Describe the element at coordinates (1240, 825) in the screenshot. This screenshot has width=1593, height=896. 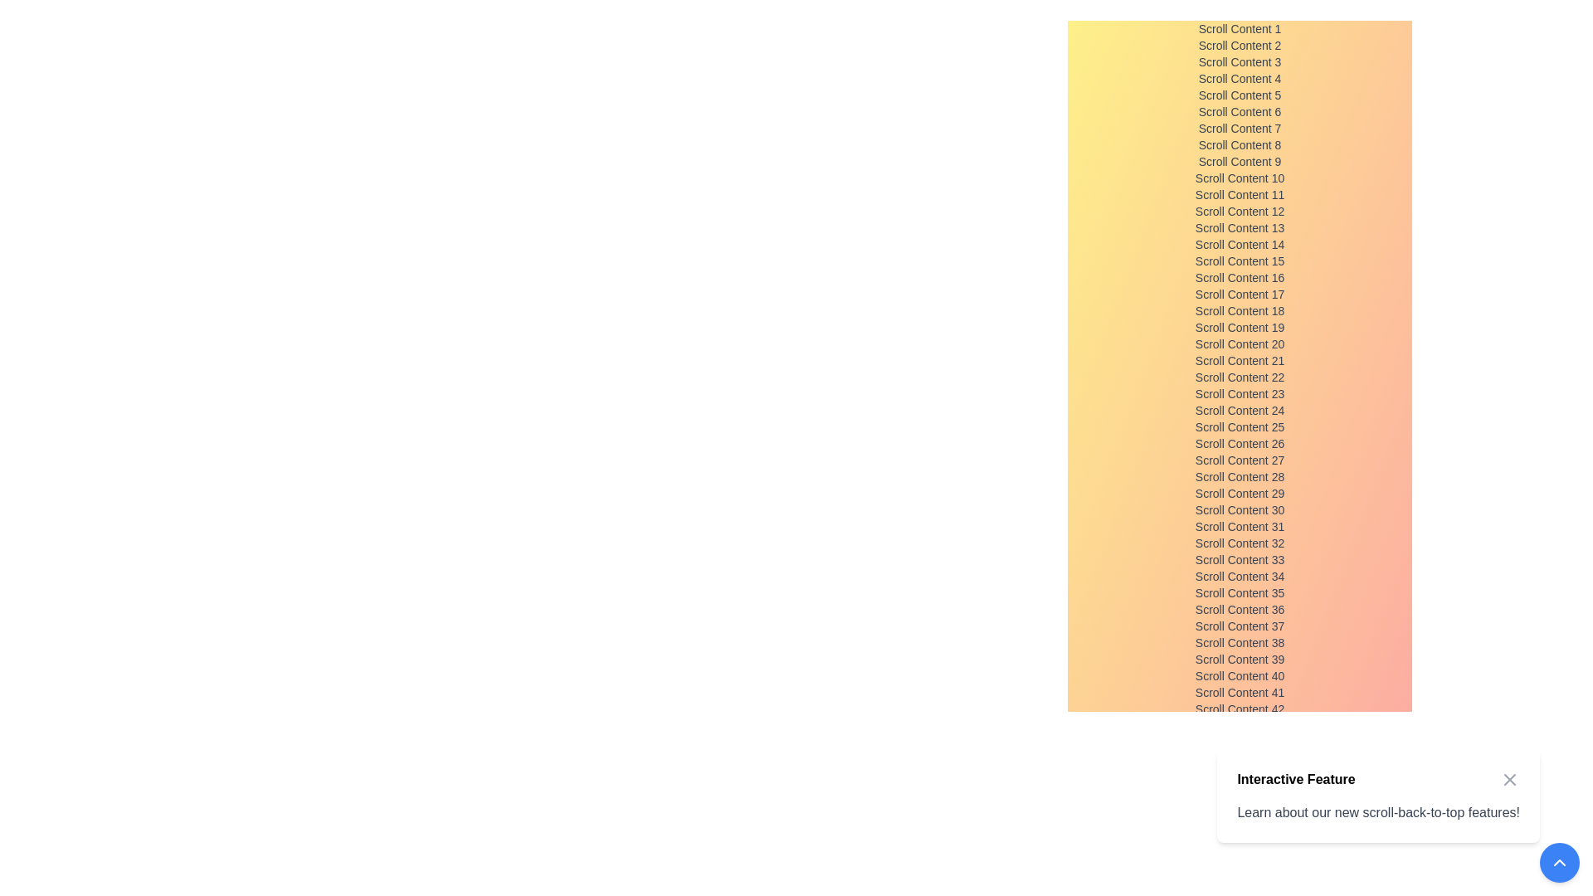
I see `the text display element that shows 'Scroll Content 49', which is styled in gray and is part of a vertically scrolling list, positioned at the 49th place` at that location.